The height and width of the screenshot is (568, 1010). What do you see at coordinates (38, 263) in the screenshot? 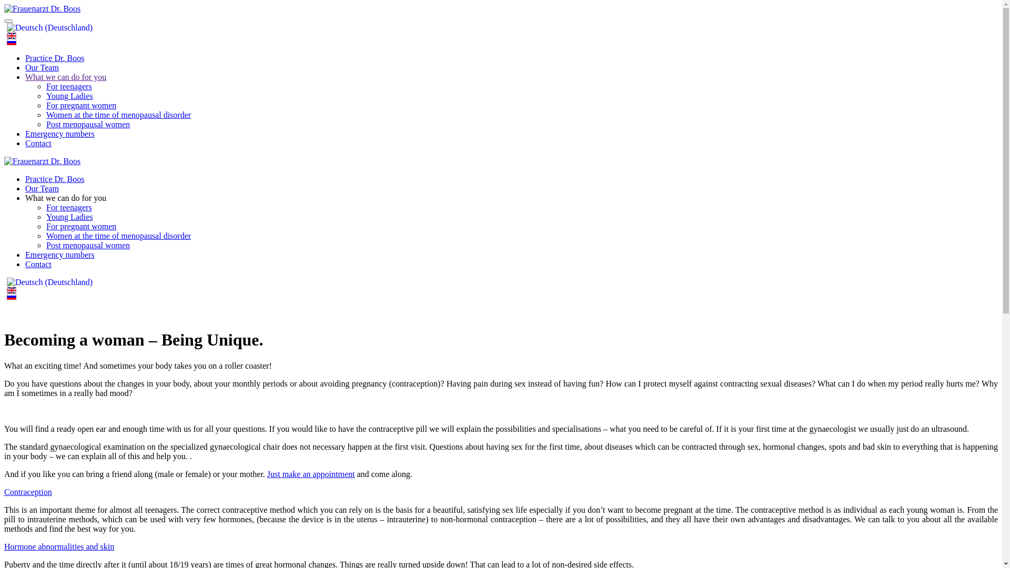
I see `'Contact'` at bounding box center [38, 263].